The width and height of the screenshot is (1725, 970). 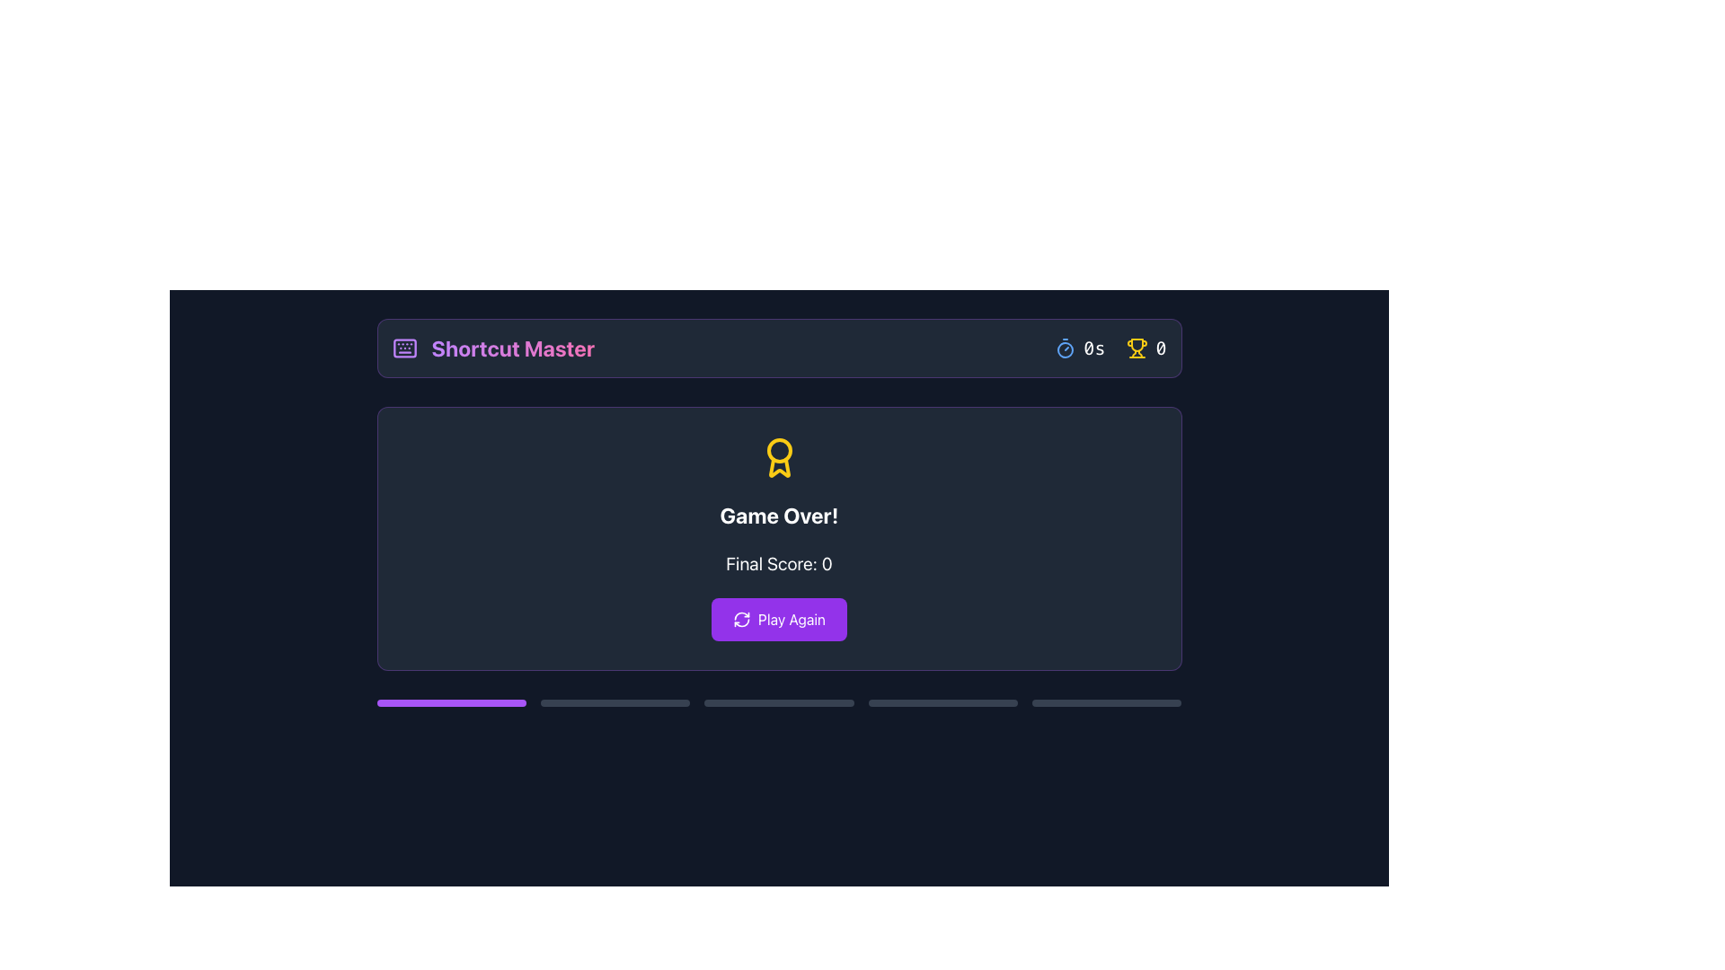 I want to click on the keyboard icon located at the top-left corner of the interface, adjacent to the 'Shortcut Master' text element, so click(x=403, y=348).